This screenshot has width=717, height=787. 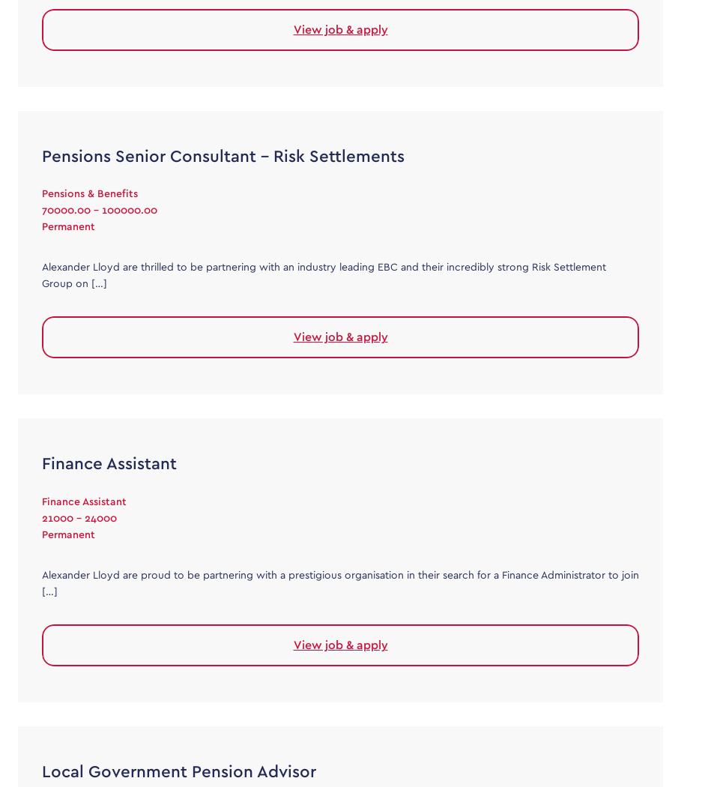 What do you see at coordinates (90, 194) in the screenshot?
I see `'Pensions & Benefits'` at bounding box center [90, 194].